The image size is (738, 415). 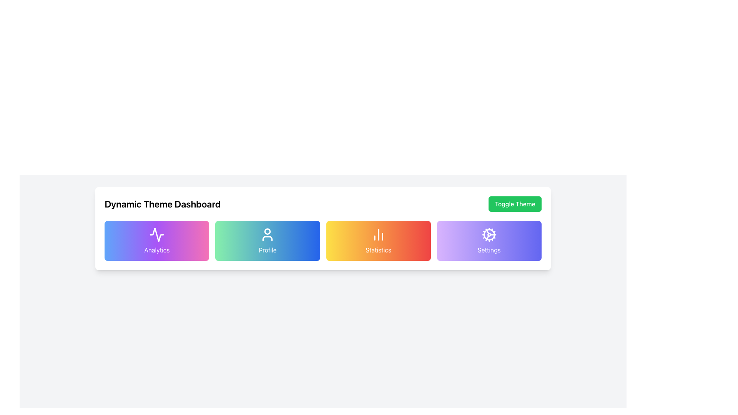 I want to click on the 'Profile' button, which is the second panel in a horizontal row of four panels, positioned between the 'Analytics' and 'Statistics' panels, so click(x=268, y=241).